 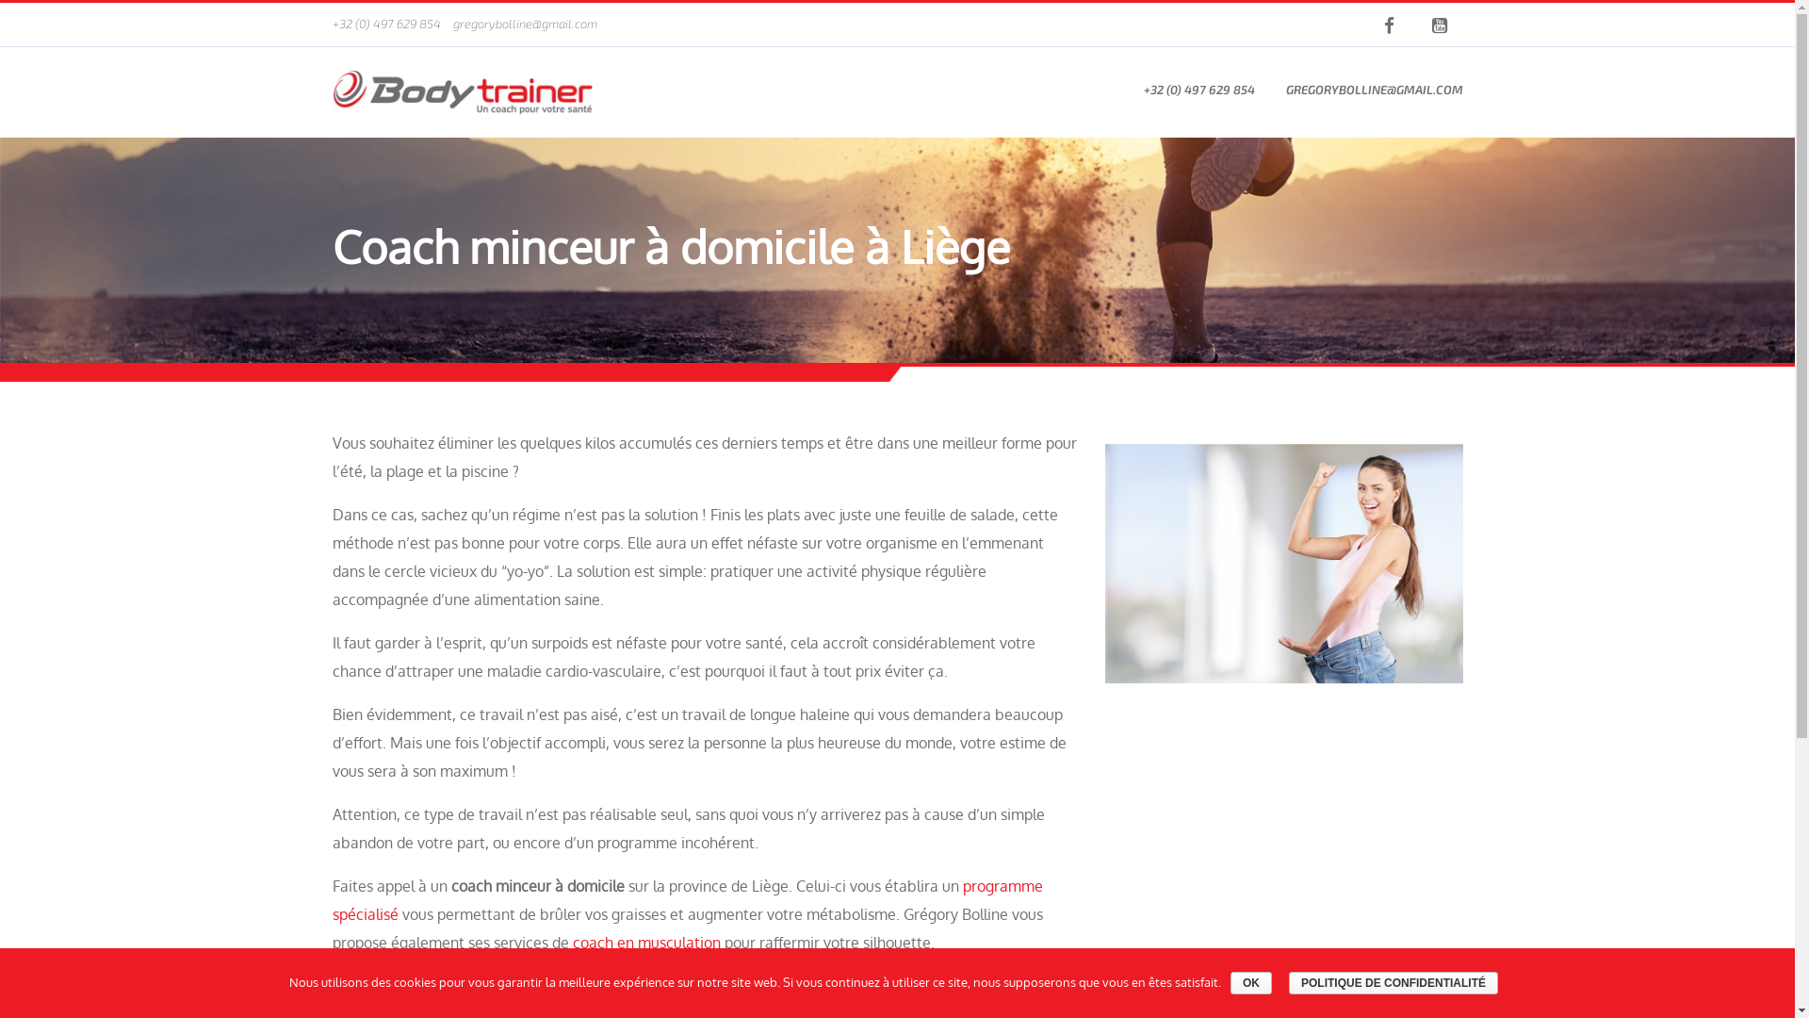 What do you see at coordinates (1374, 90) in the screenshot?
I see `'GREGORYBOLLINE@GMAIL.COM'` at bounding box center [1374, 90].